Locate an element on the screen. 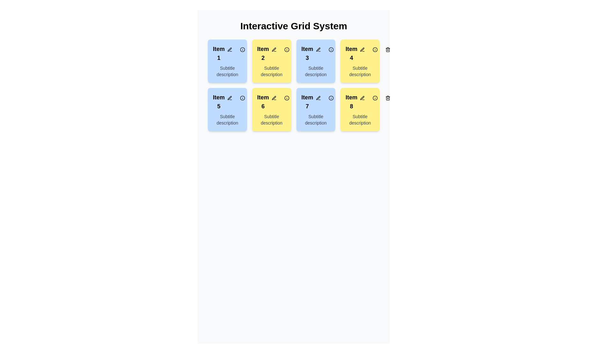 The height and width of the screenshot is (344, 612). the text label located beneath the title text in the card labeled 'Item 5', which is positioned in the second row, first column of the grid layout is located at coordinates (227, 119).